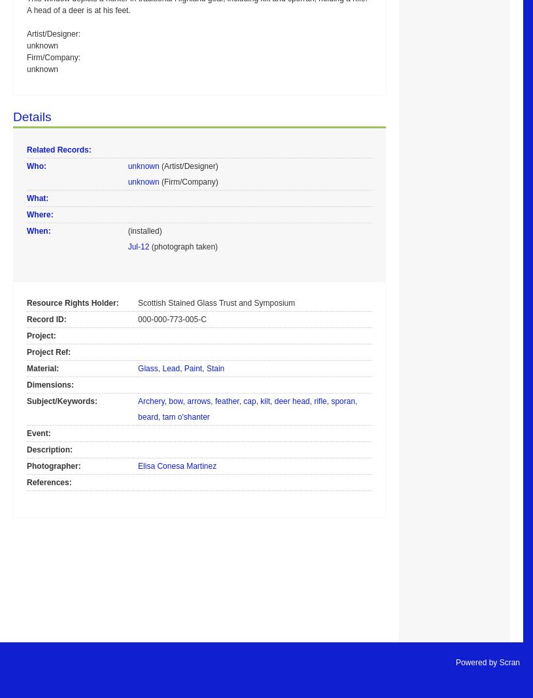 This screenshot has height=698, width=533. Describe the element at coordinates (48, 351) in the screenshot. I see `'Project Ref:'` at that location.